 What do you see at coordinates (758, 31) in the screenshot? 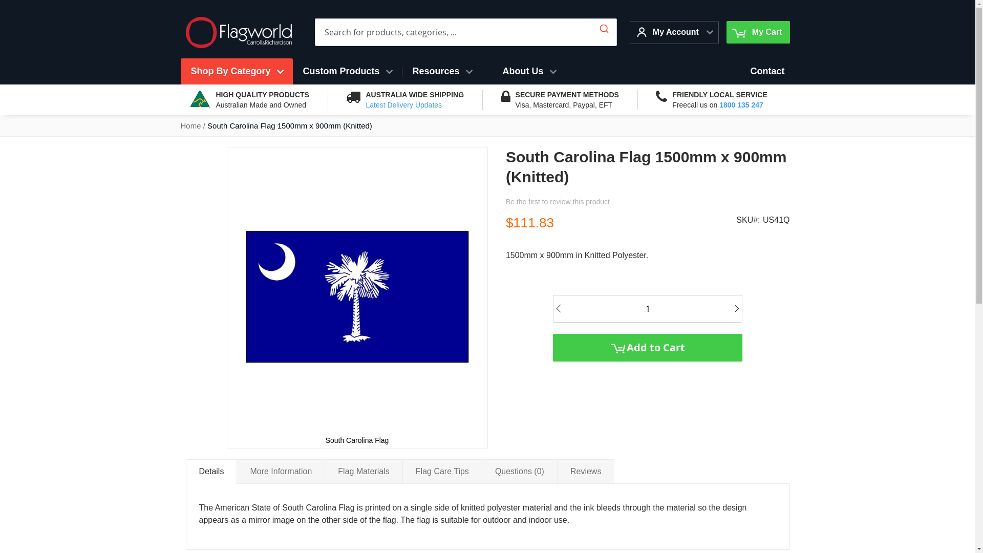
I see `'My Cart'` at bounding box center [758, 31].